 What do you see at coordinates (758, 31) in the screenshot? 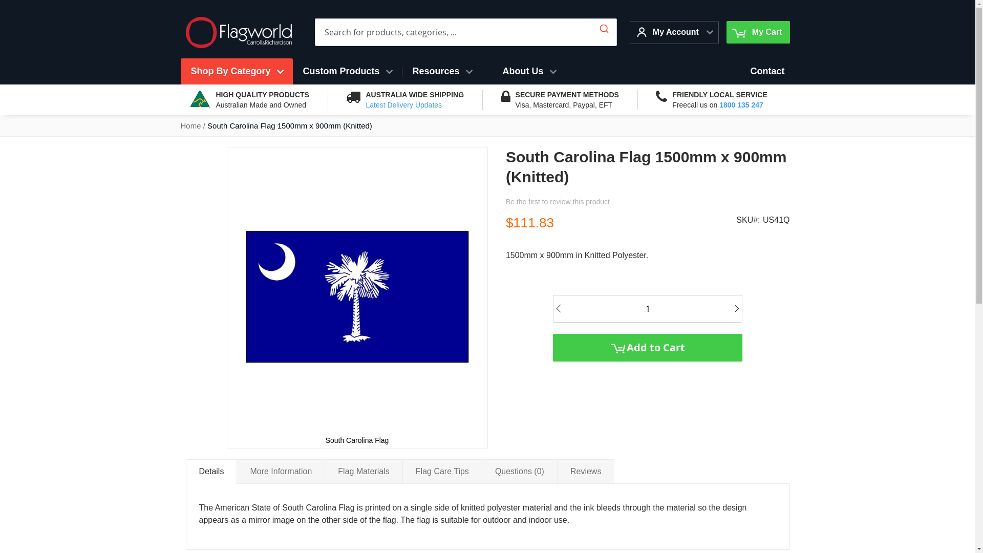
I see `'My Cart'` at bounding box center [758, 31].